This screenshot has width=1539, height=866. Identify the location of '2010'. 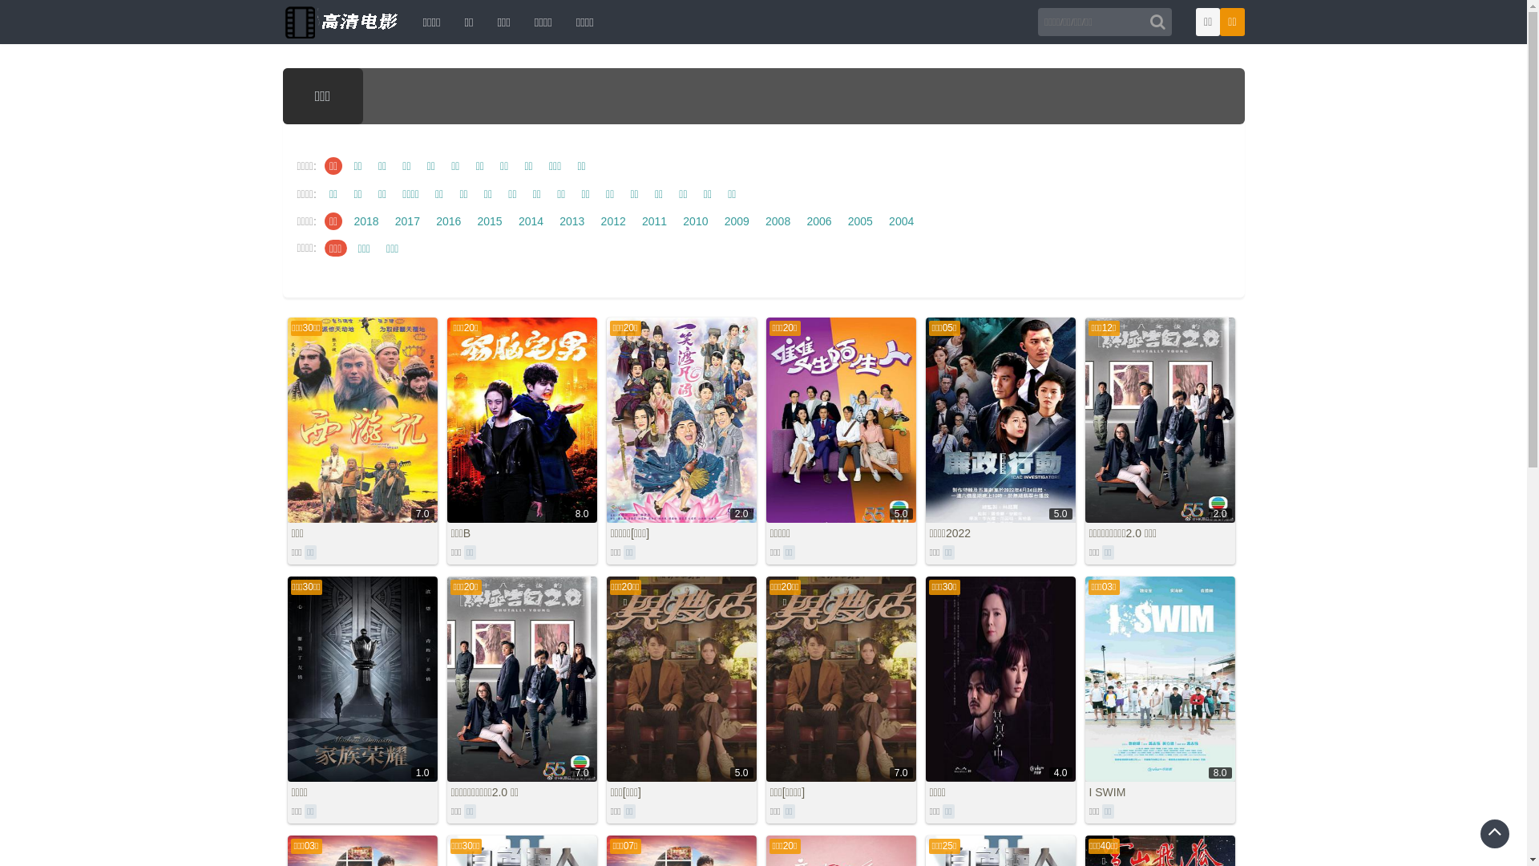
(695, 221).